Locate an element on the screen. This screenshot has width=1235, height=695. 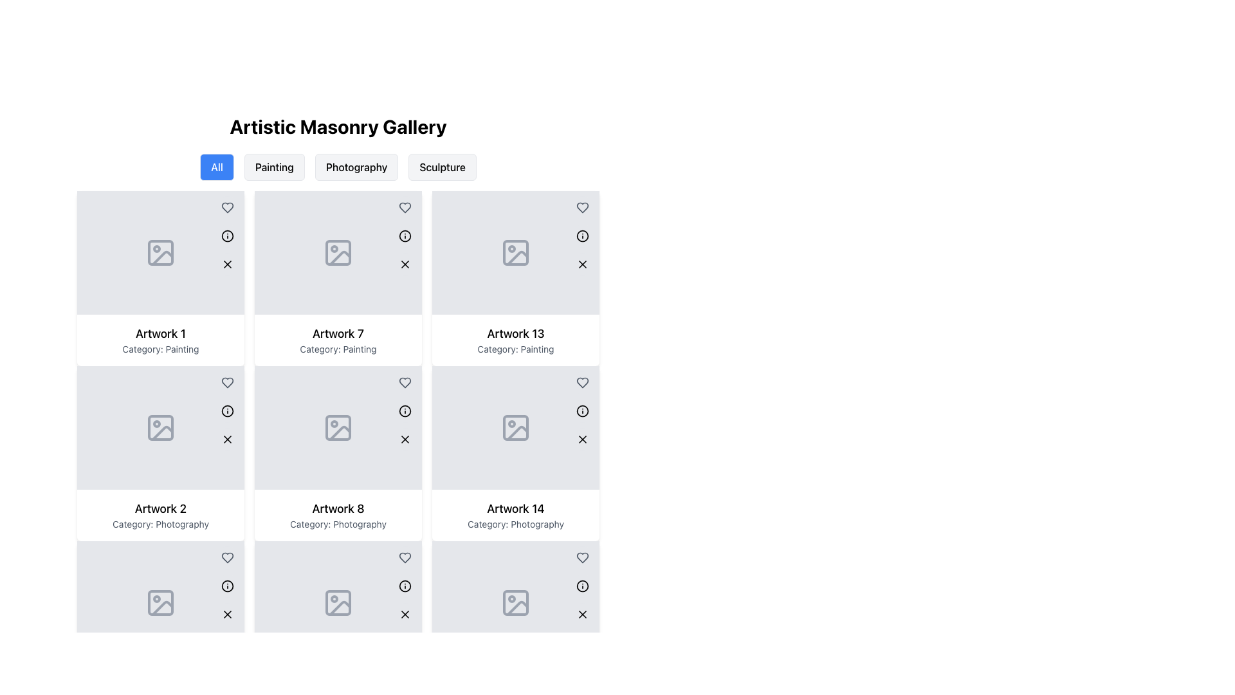
the 'information' SVG-based icon located in the upper right corner of the 'Artwork 8 - Category: Photography' card is located at coordinates (404, 411).